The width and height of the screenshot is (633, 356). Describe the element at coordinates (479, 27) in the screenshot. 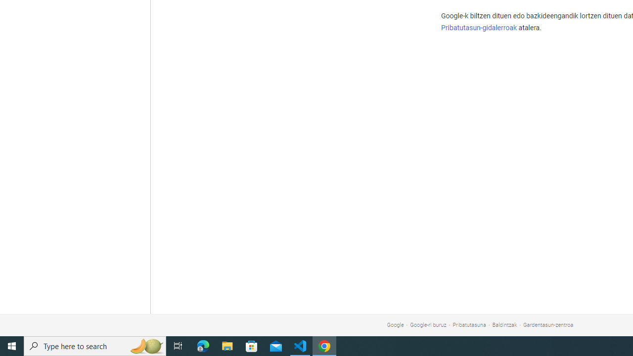

I see `'Pribatutasun-gidalerroak'` at that location.